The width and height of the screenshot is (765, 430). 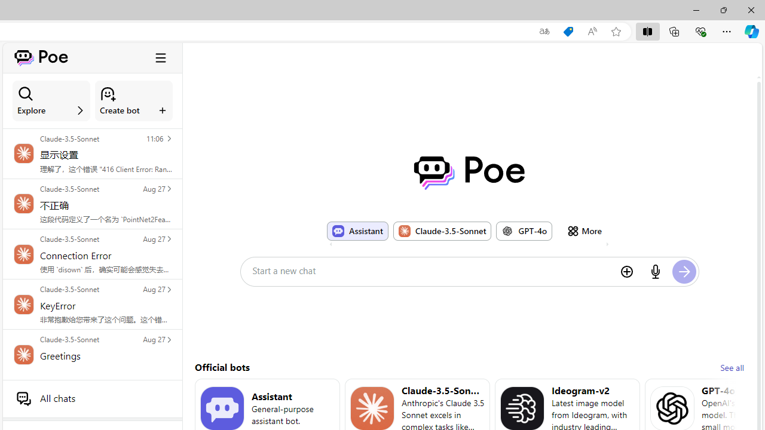 What do you see at coordinates (160, 57) in the screenshot?
I see `'Toggle sidebar collapse'` at bounding box center [160, 57].